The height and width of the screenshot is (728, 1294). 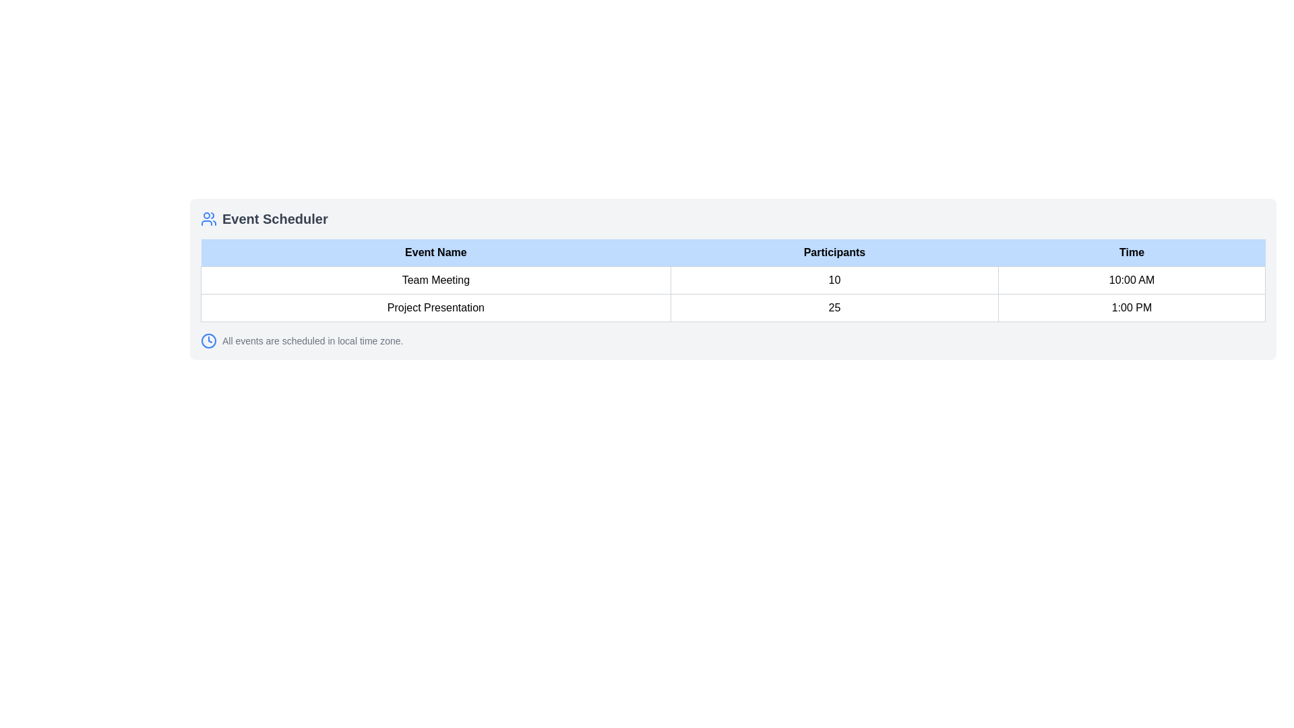 What do you see at coordinates (208, 218) in the screenshot?
I see `the blue icon representing a group of users located to the left of the 'Event Scheduler' title` at bounding box center [208, 218].